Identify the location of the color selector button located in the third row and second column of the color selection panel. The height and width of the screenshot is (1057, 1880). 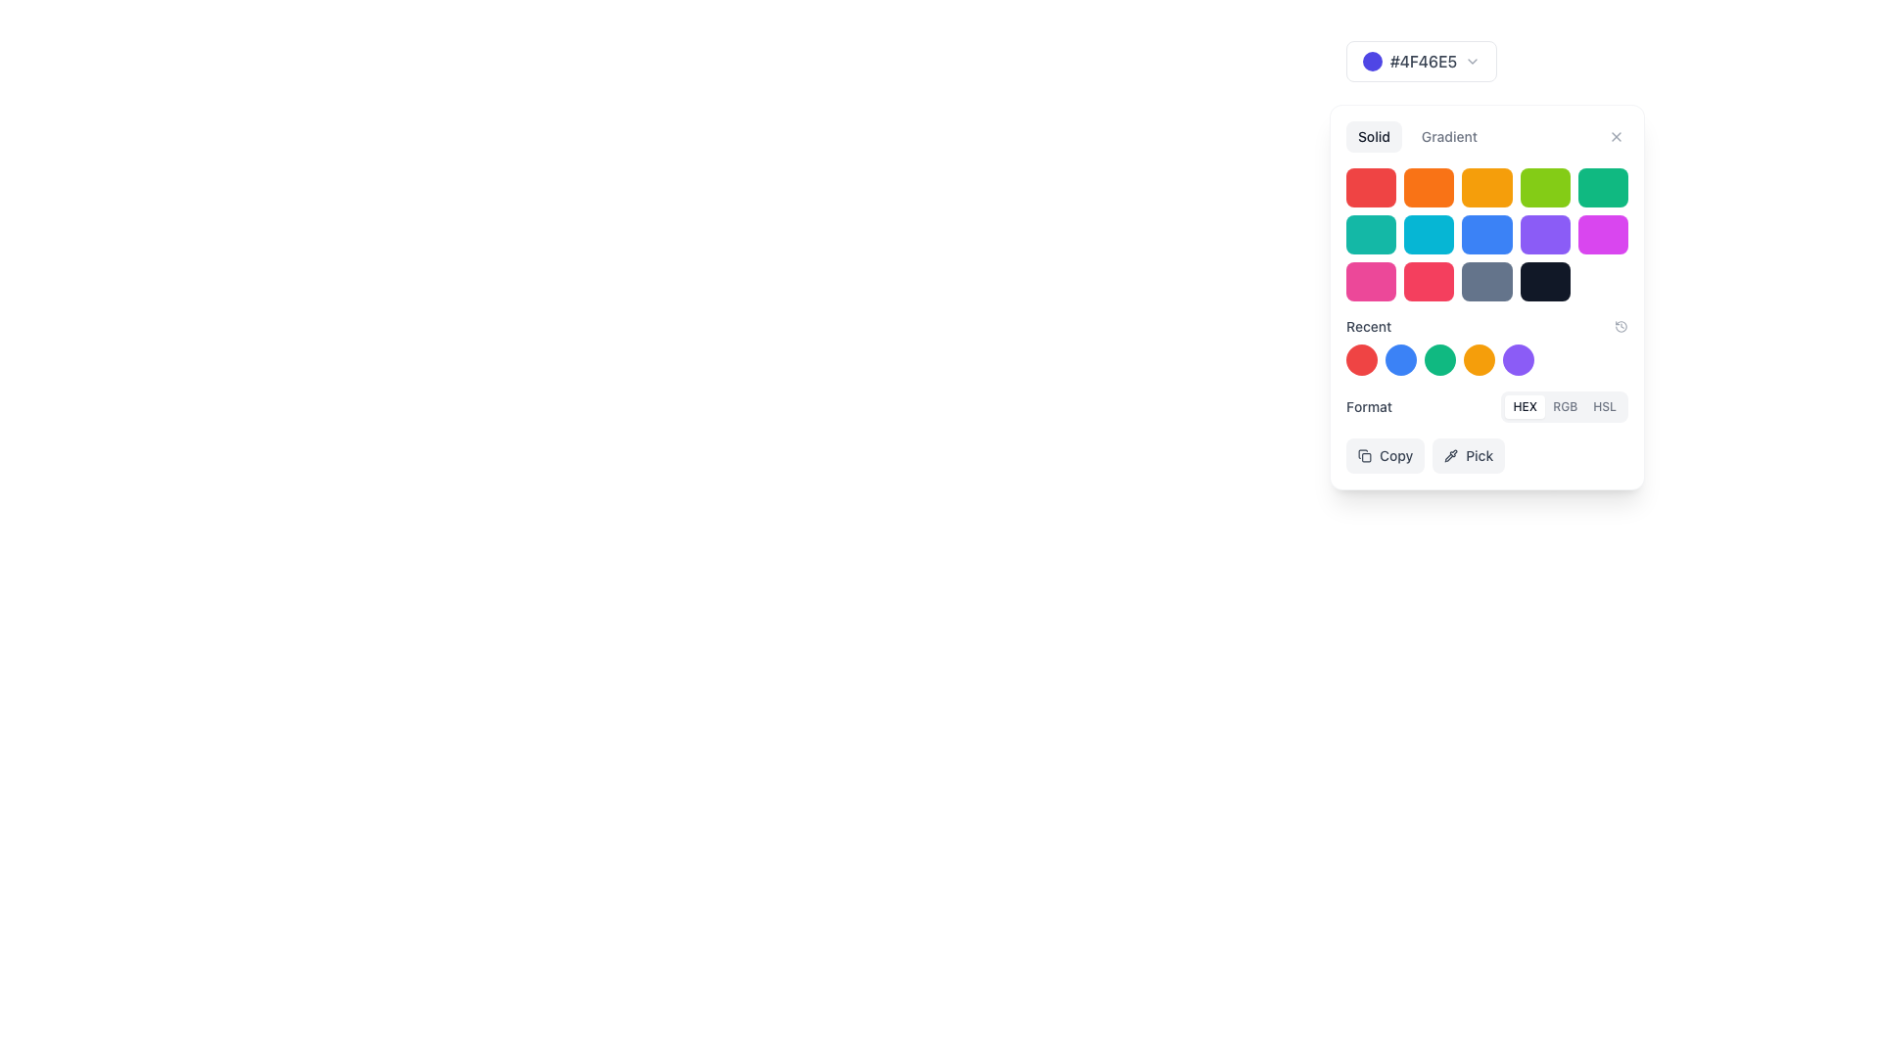
(1429, 282).